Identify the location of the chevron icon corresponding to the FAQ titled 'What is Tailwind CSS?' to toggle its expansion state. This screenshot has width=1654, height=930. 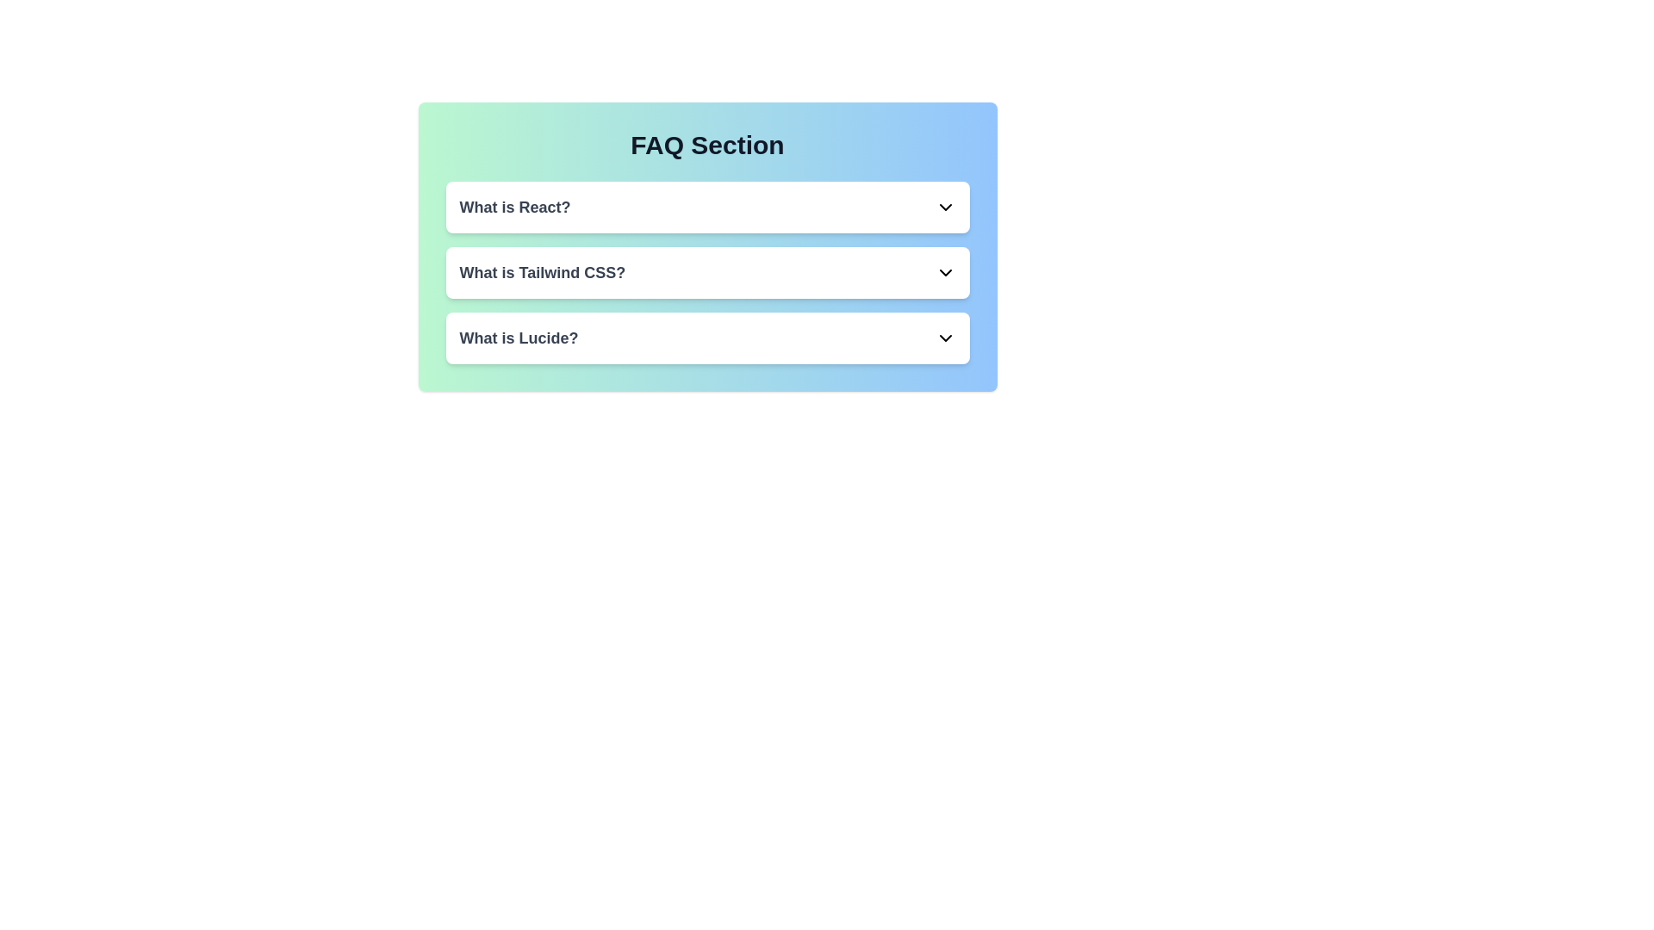
(944, 271).